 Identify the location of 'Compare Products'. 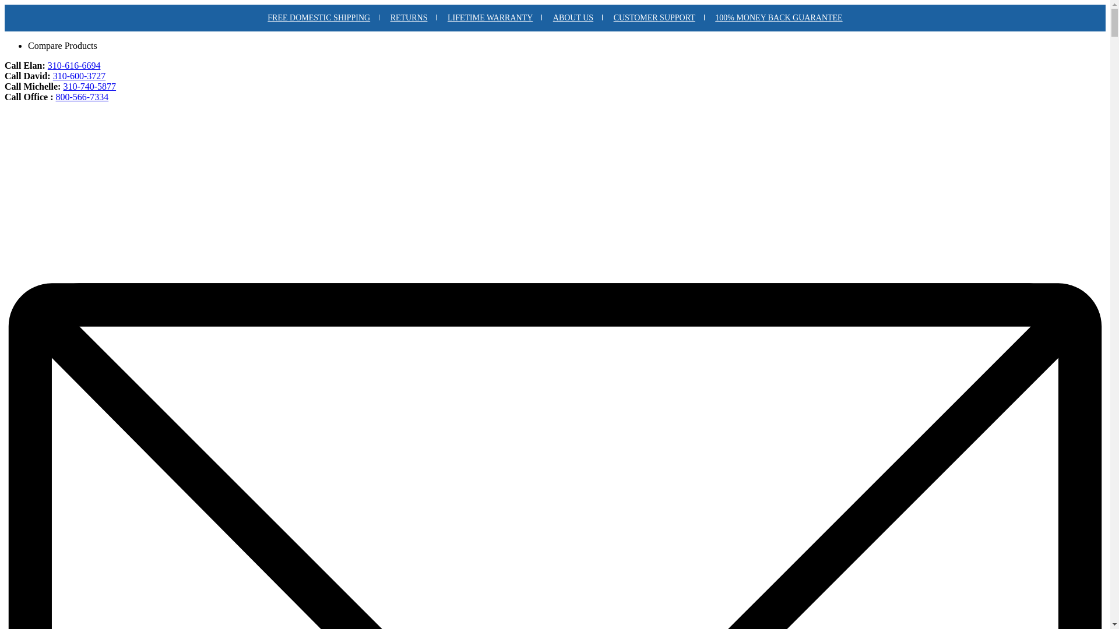
(62, 45).